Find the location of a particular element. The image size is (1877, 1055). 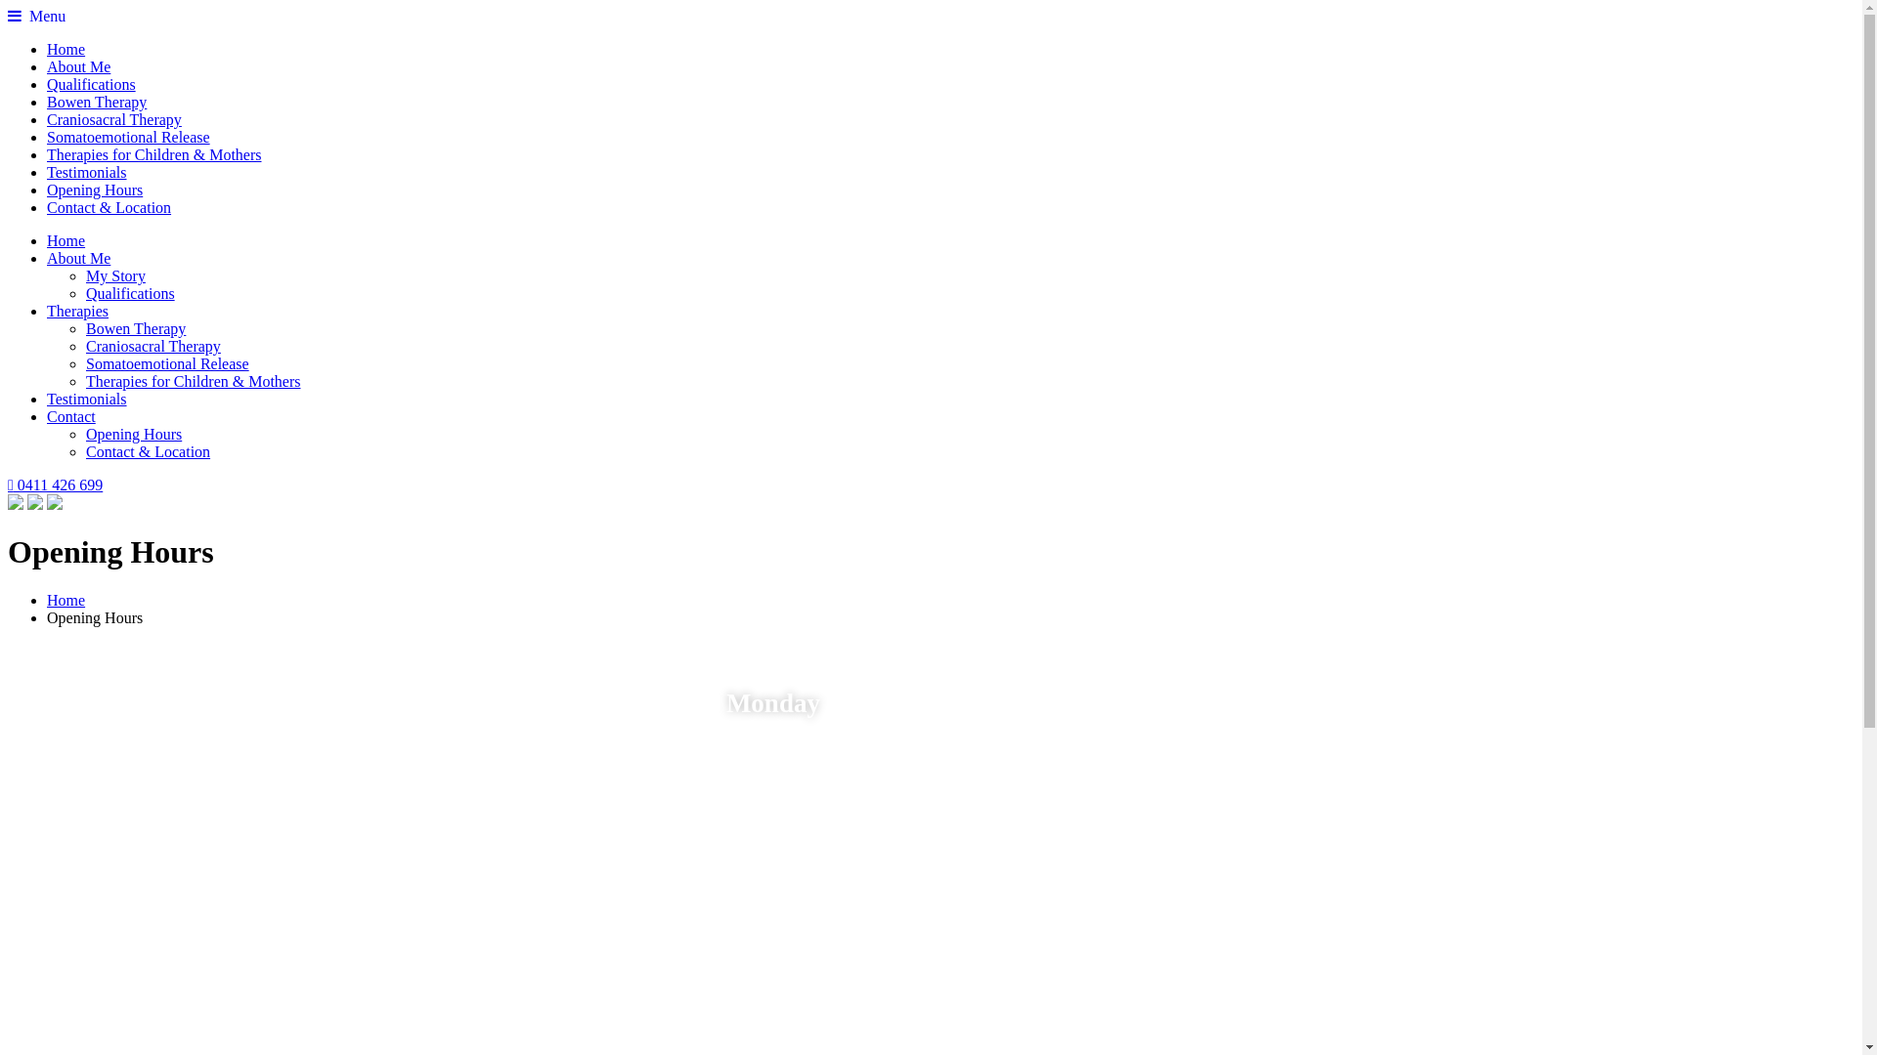

'Bowen Therapy' is located at coordinates (96, 102).